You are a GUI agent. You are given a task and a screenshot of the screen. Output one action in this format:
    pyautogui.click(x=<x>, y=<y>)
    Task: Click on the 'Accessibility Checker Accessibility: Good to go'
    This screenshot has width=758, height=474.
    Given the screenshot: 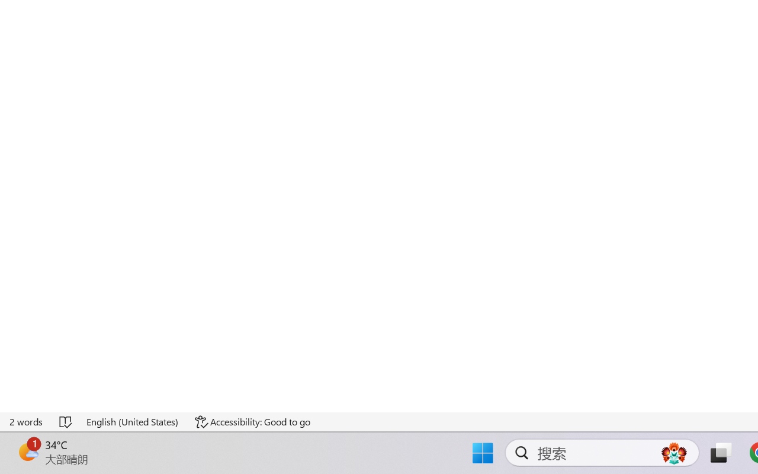 What is the action you would take?
    pyautogui.click(x=235, y=440)
    